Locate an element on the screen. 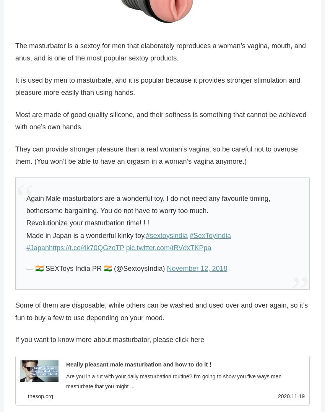 The image size is (325, 412). 'pic.twitter.com/tRVdxTKPpa' is located at coordinates (168, 248).